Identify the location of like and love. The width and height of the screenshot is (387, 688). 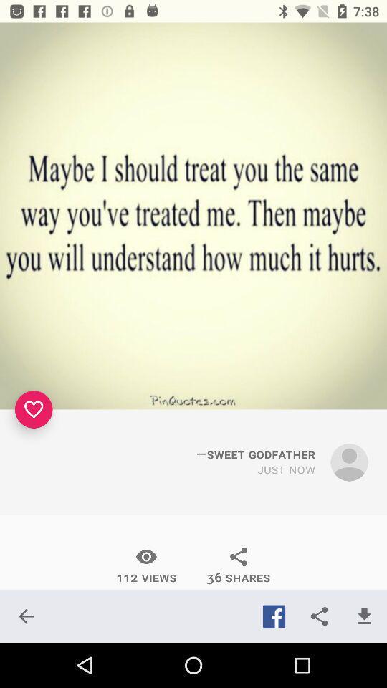
(34, 409).